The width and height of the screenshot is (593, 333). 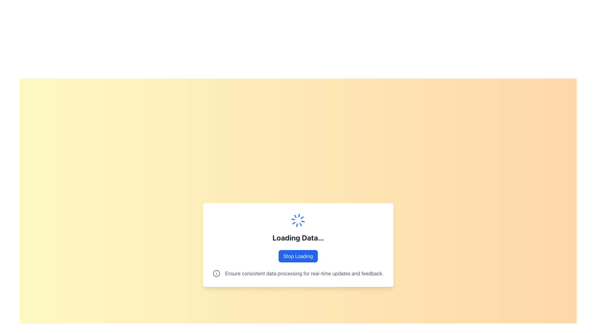 I want to click on the text label displaying 'Loading Data...' which is styled with a bold font and is centered within a clean dialog box, so click(x=298, y=237).